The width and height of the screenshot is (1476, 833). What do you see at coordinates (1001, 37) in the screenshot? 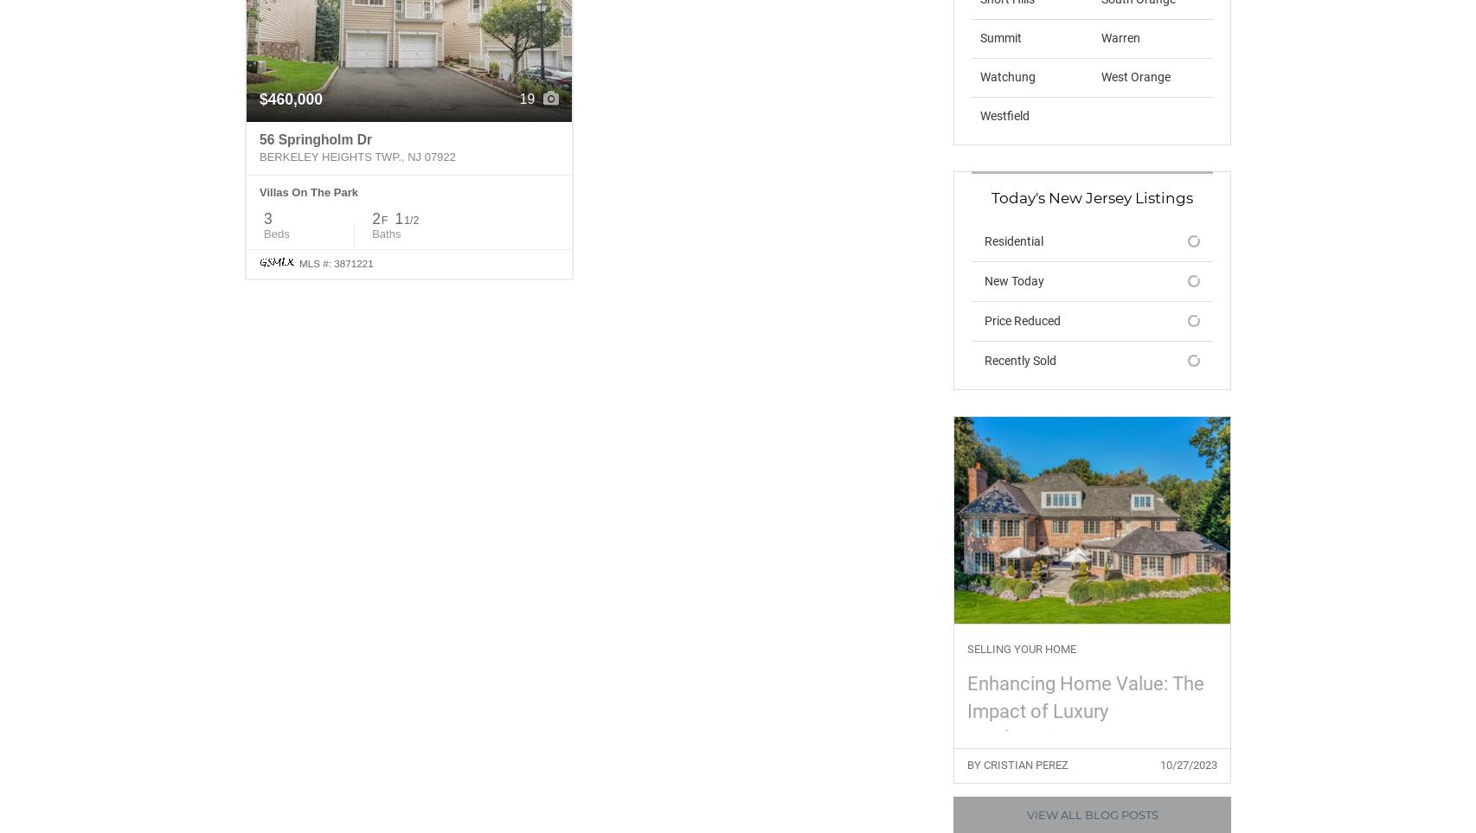
I see `'Summit'` at bounding box center [1001, 37].